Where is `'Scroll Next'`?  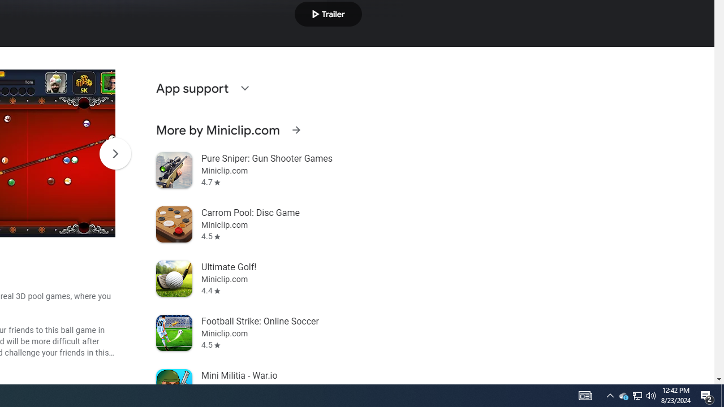
'Scroll Next' is located at coordinates (115, 154).